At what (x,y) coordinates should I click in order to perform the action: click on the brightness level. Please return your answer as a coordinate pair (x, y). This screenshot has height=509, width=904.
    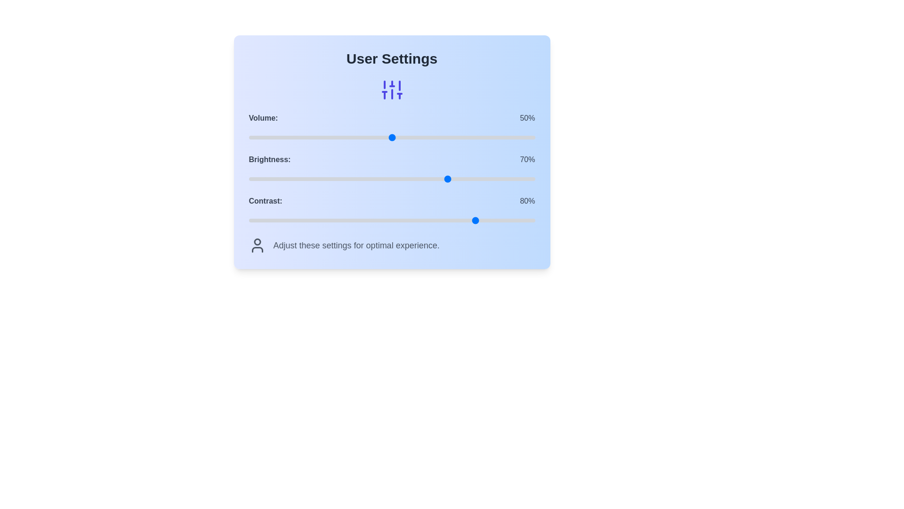
    Looking at the image, I should click on (443, 179).